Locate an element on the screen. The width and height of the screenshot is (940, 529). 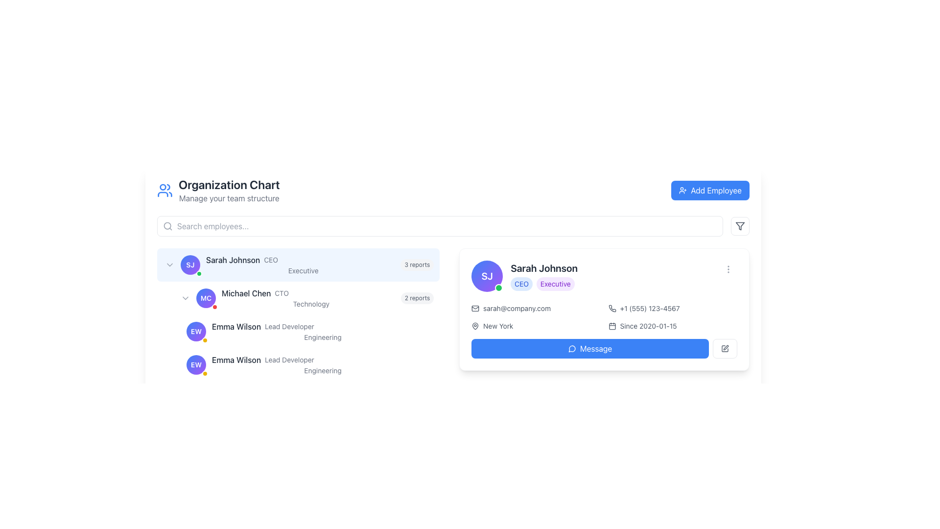
the text label displaying 'Emma Wilson' for referencing is located at coordinates (236, 327).